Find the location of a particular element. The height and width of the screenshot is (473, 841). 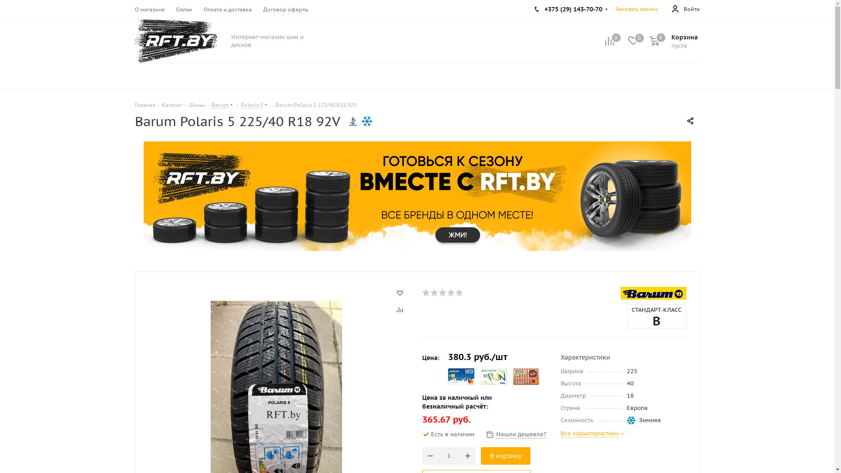

'Barum' is located at coordinates (211, 104).